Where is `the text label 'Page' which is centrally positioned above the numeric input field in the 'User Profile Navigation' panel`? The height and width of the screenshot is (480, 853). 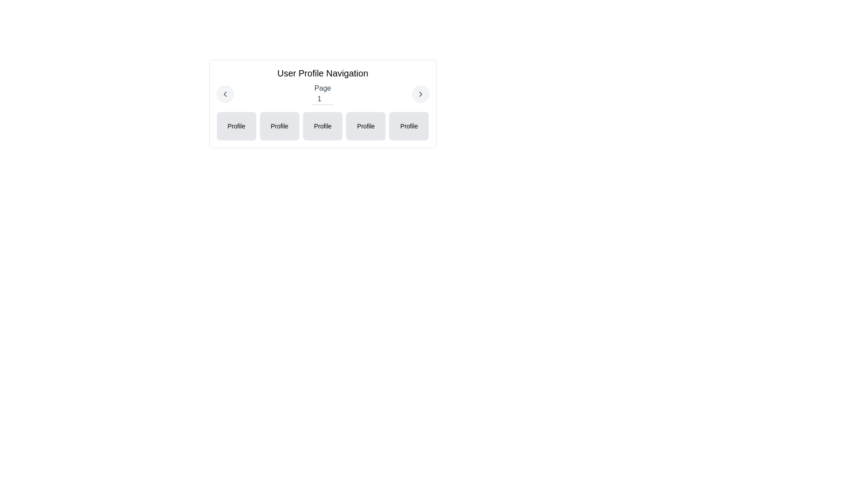
the text label 'Page' which is centrally positioned above the numeric input field in the 'User Profile Navigation' panel is located at coordinates (322, 88).